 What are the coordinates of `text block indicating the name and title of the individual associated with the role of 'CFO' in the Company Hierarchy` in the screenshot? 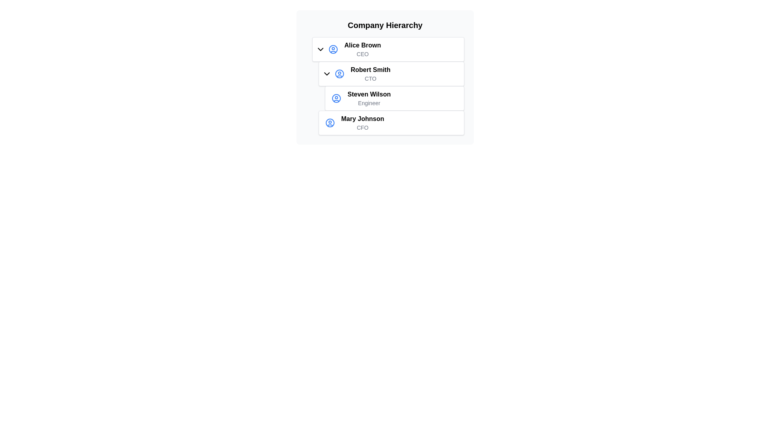 It's located at (362, 123).